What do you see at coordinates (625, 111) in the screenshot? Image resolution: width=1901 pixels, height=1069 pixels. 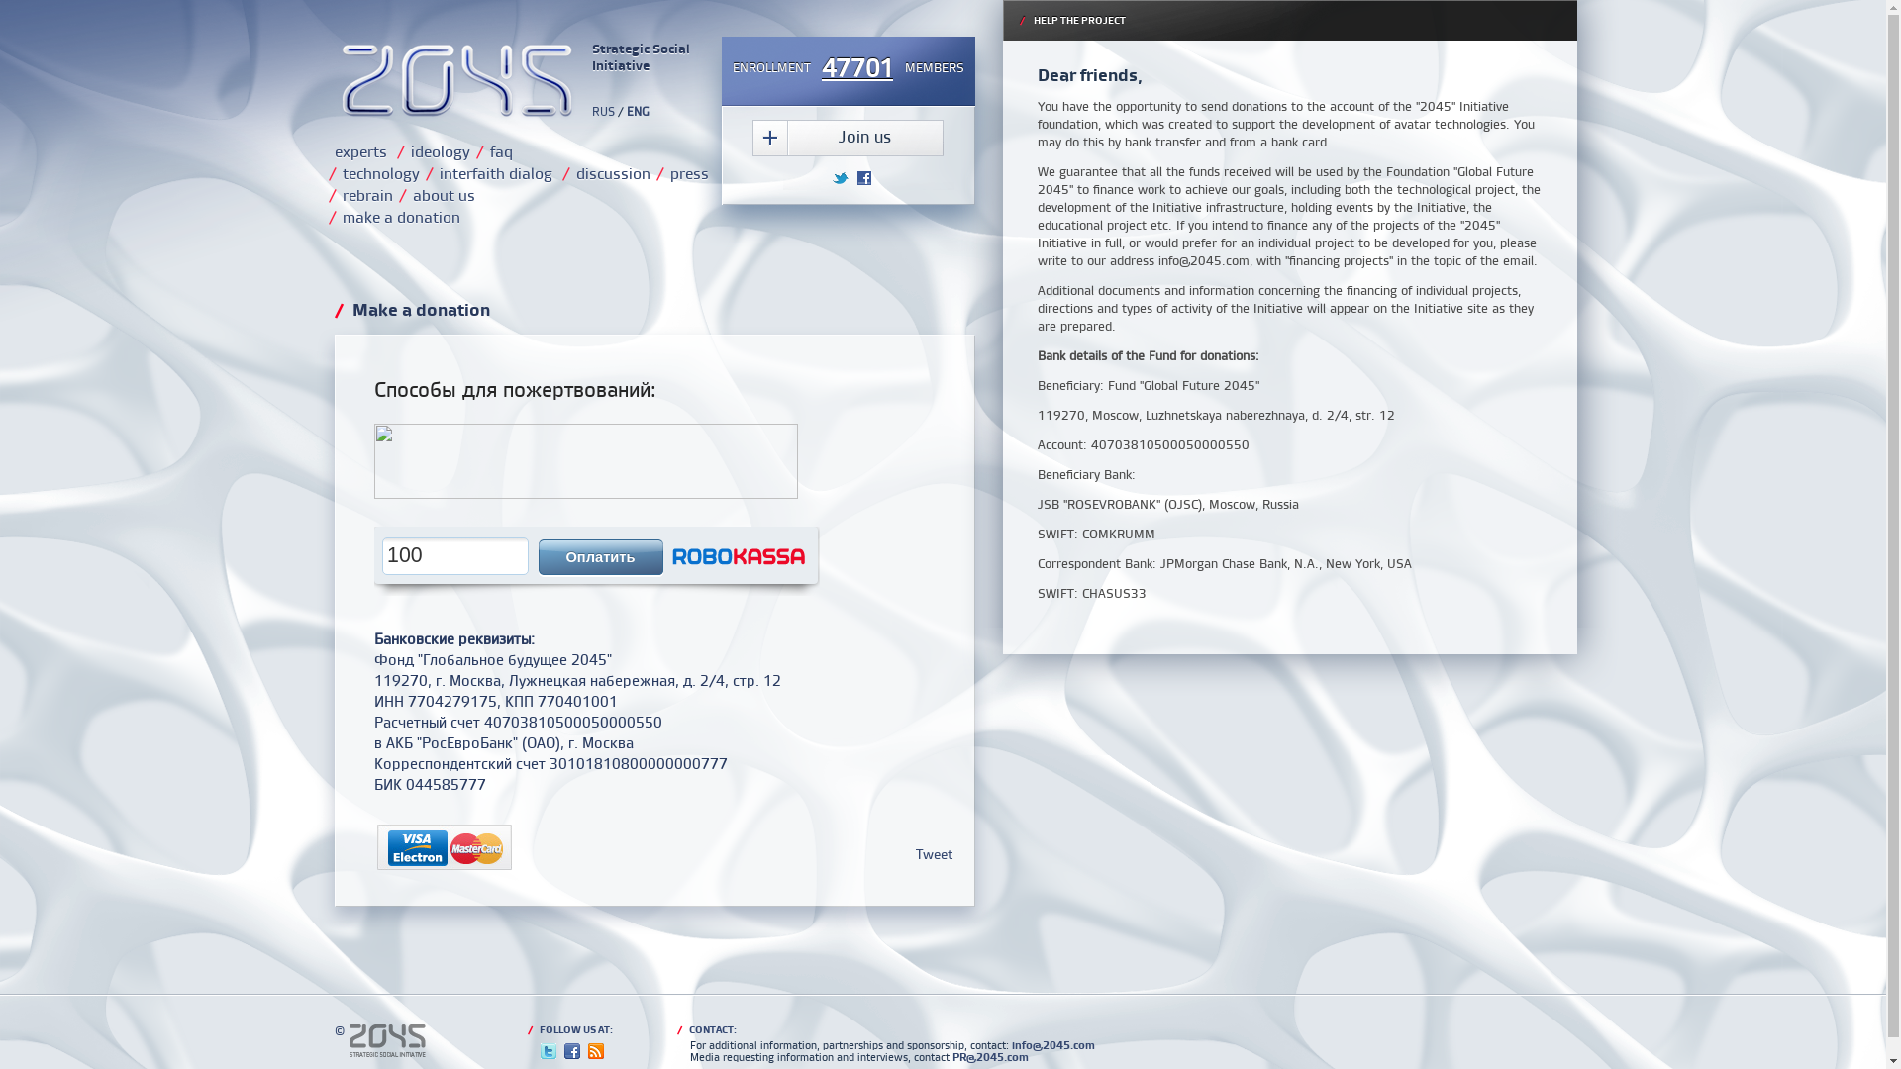 I see `'ENG'` at bounding box center [625, 111].